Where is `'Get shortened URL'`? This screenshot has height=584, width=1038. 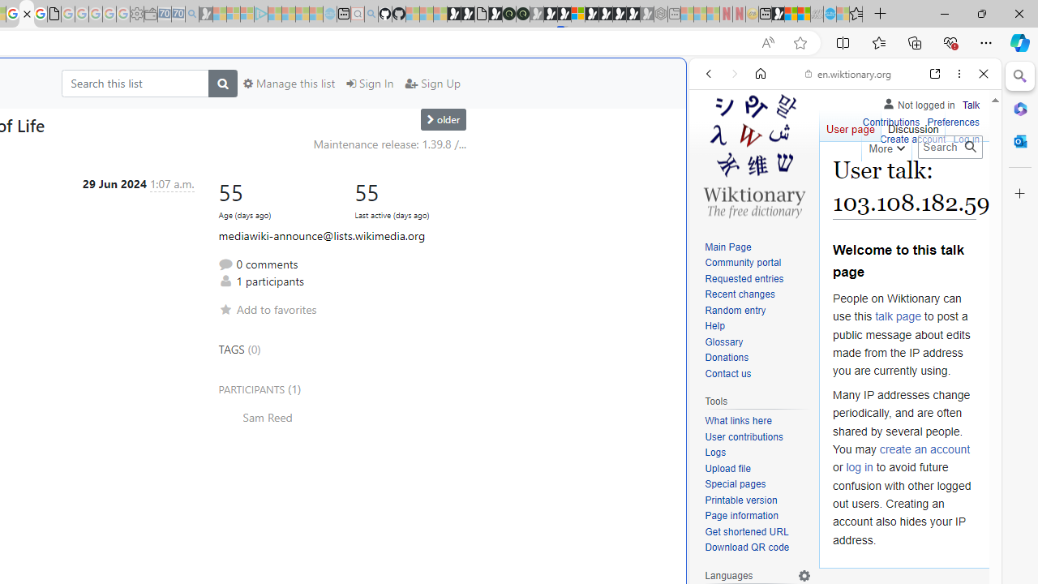 'Get shortened URL' is located at coordinates (745, 531).